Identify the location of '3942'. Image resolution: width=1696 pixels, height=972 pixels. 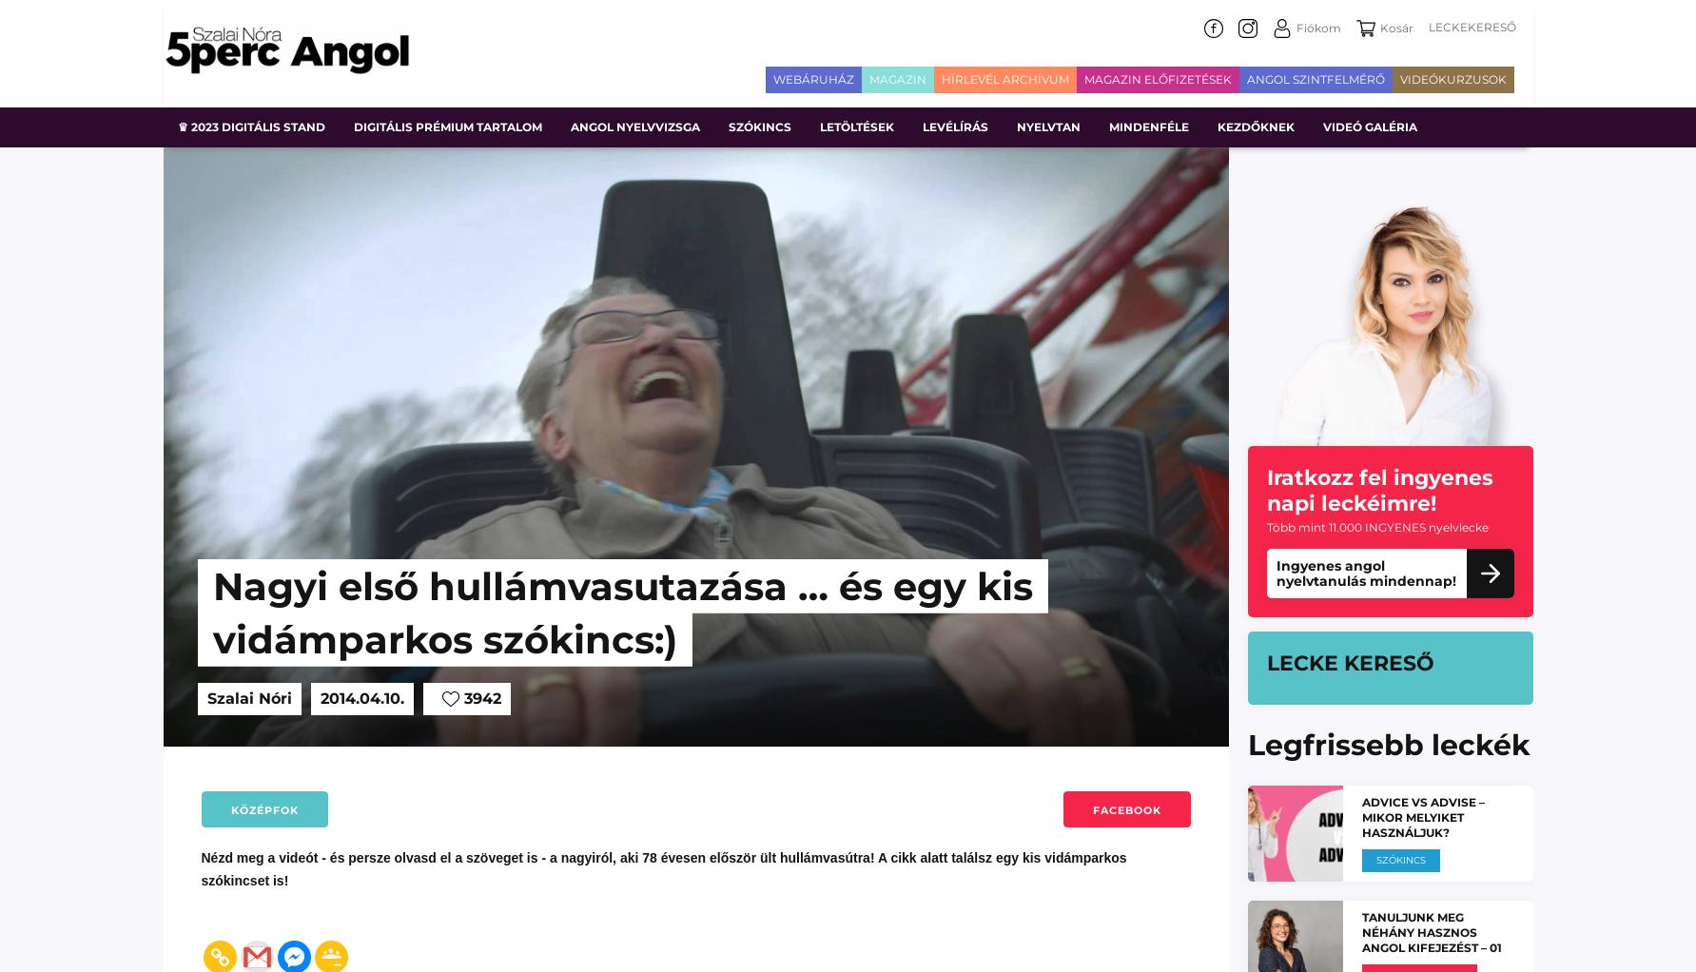
(462, 697).